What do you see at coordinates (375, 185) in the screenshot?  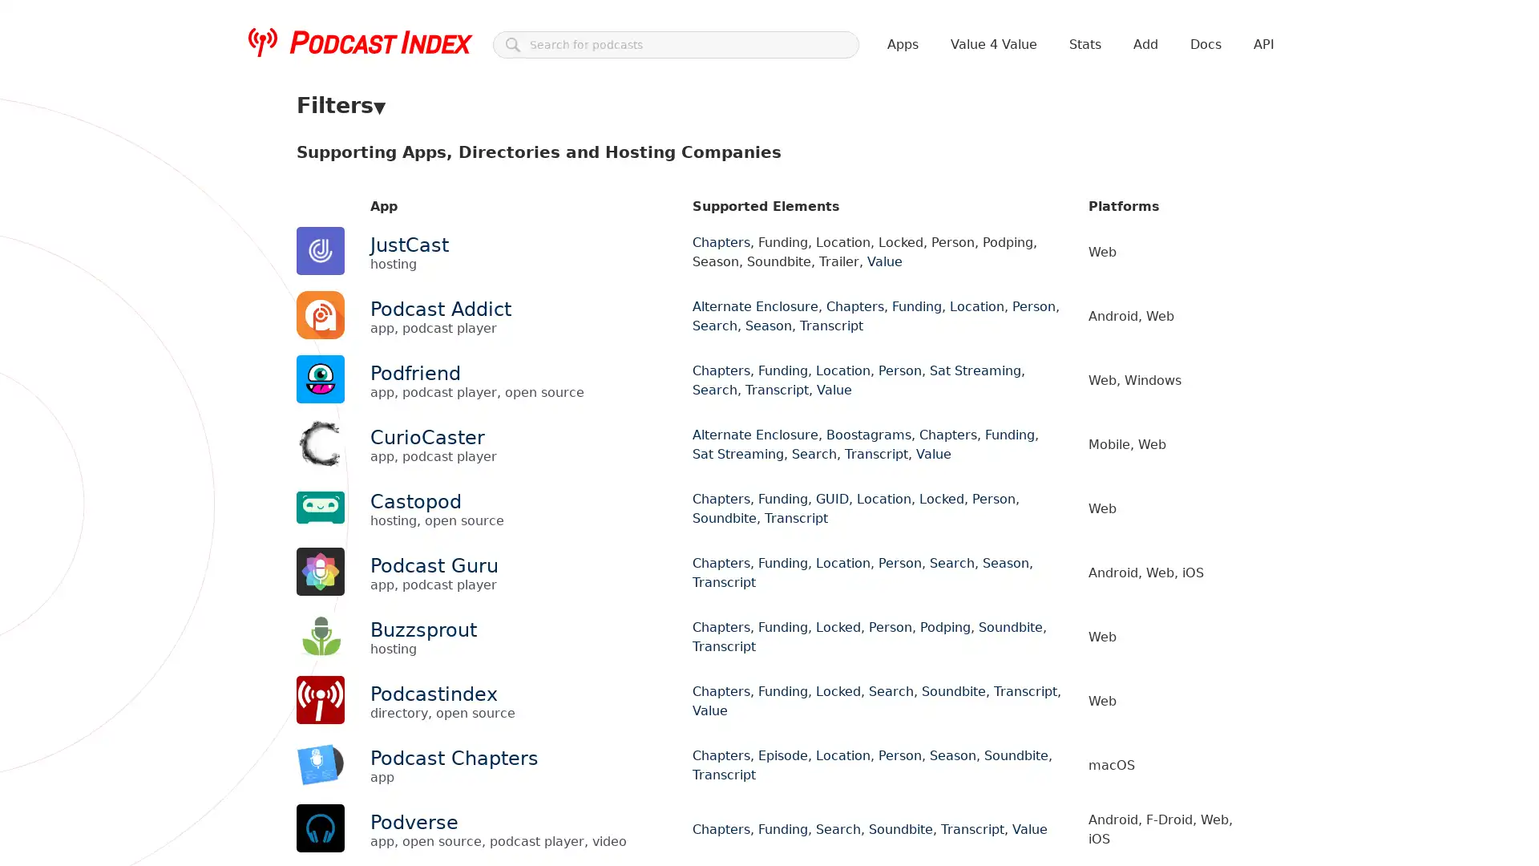 I see `Website` at bounding box center [375, 185].